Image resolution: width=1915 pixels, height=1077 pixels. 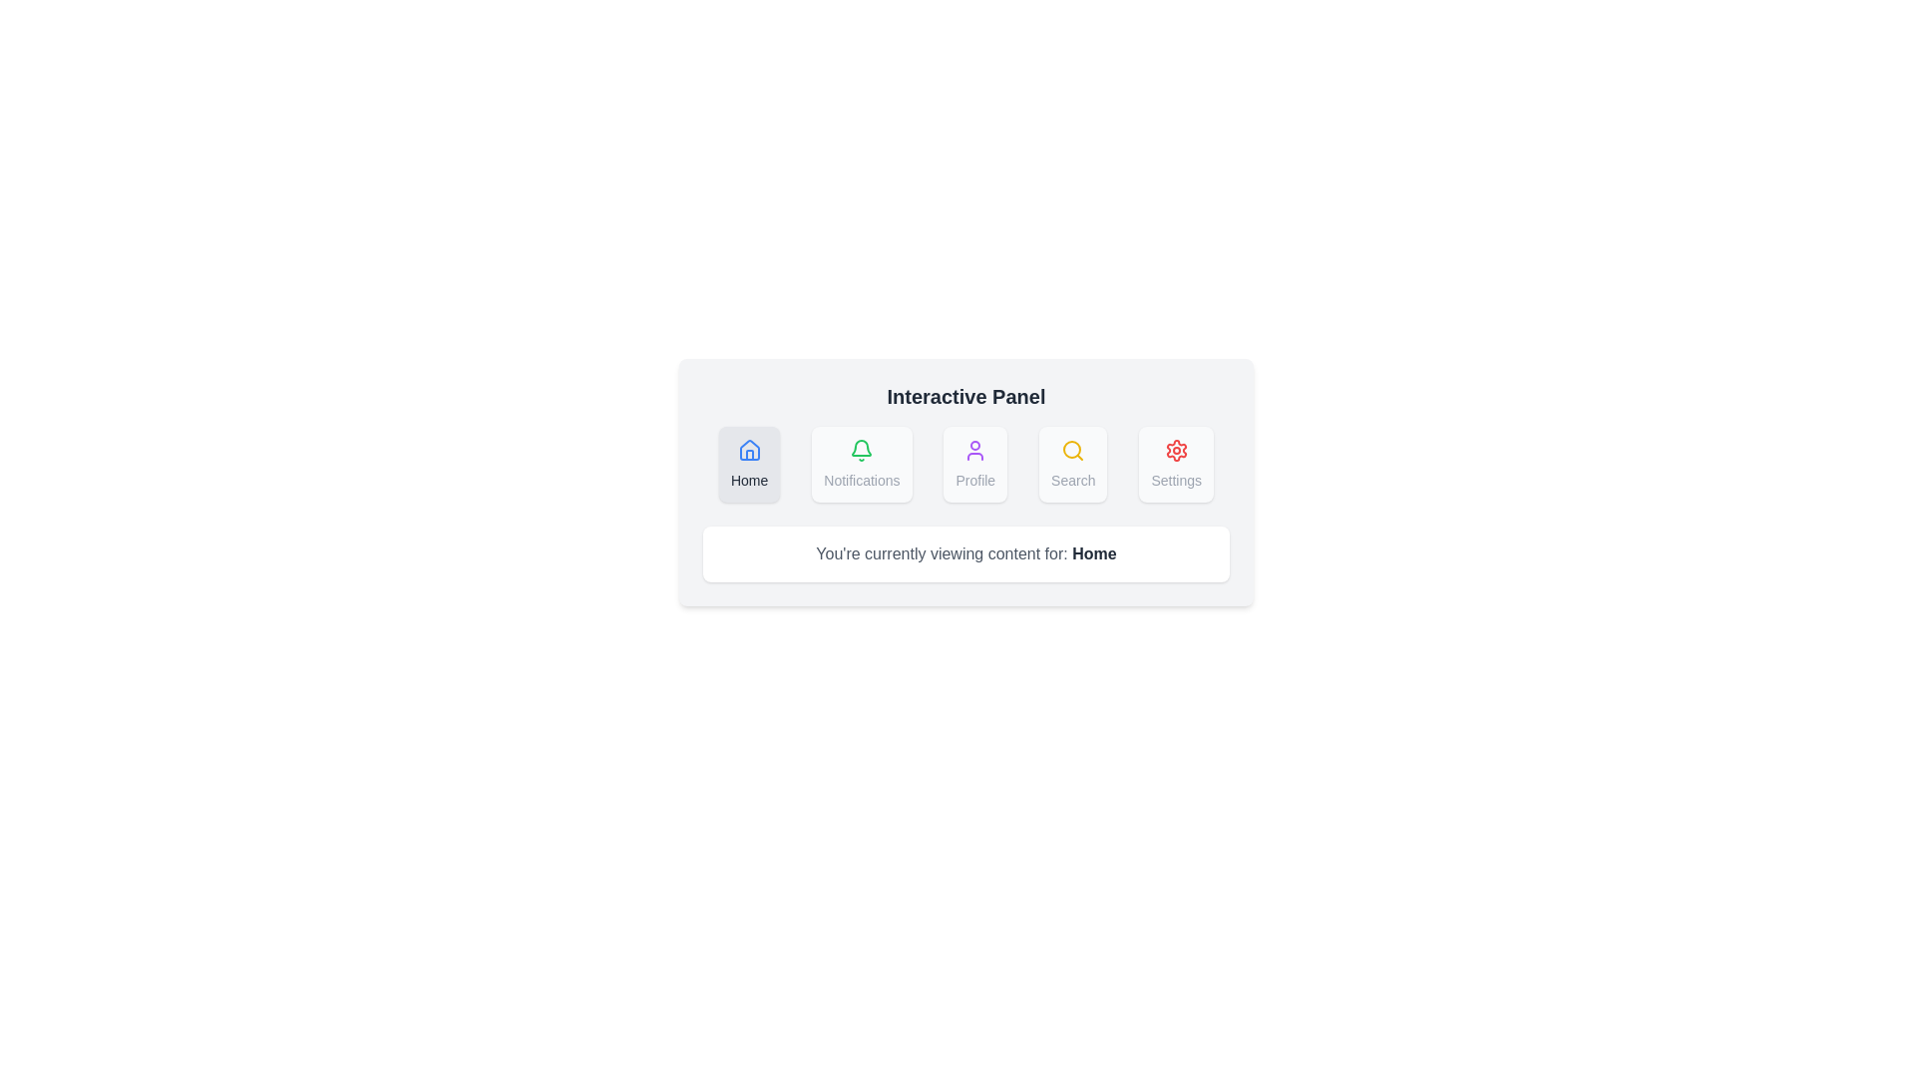 What do you see at coordinates (862, 481) in the screenshot?
I see `text label that describes the notifications feature, located within the 'Notifications' section, which is the second element from the left in the middle panel` at bounding box center [862, 481].